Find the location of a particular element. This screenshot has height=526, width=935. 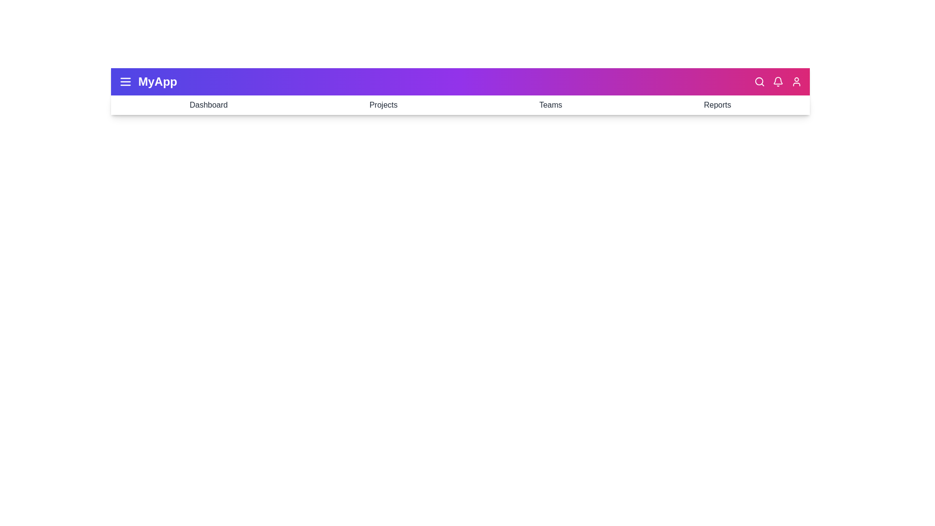

the 'Bell' icon to view notifications is located at coordinates (778, 81).